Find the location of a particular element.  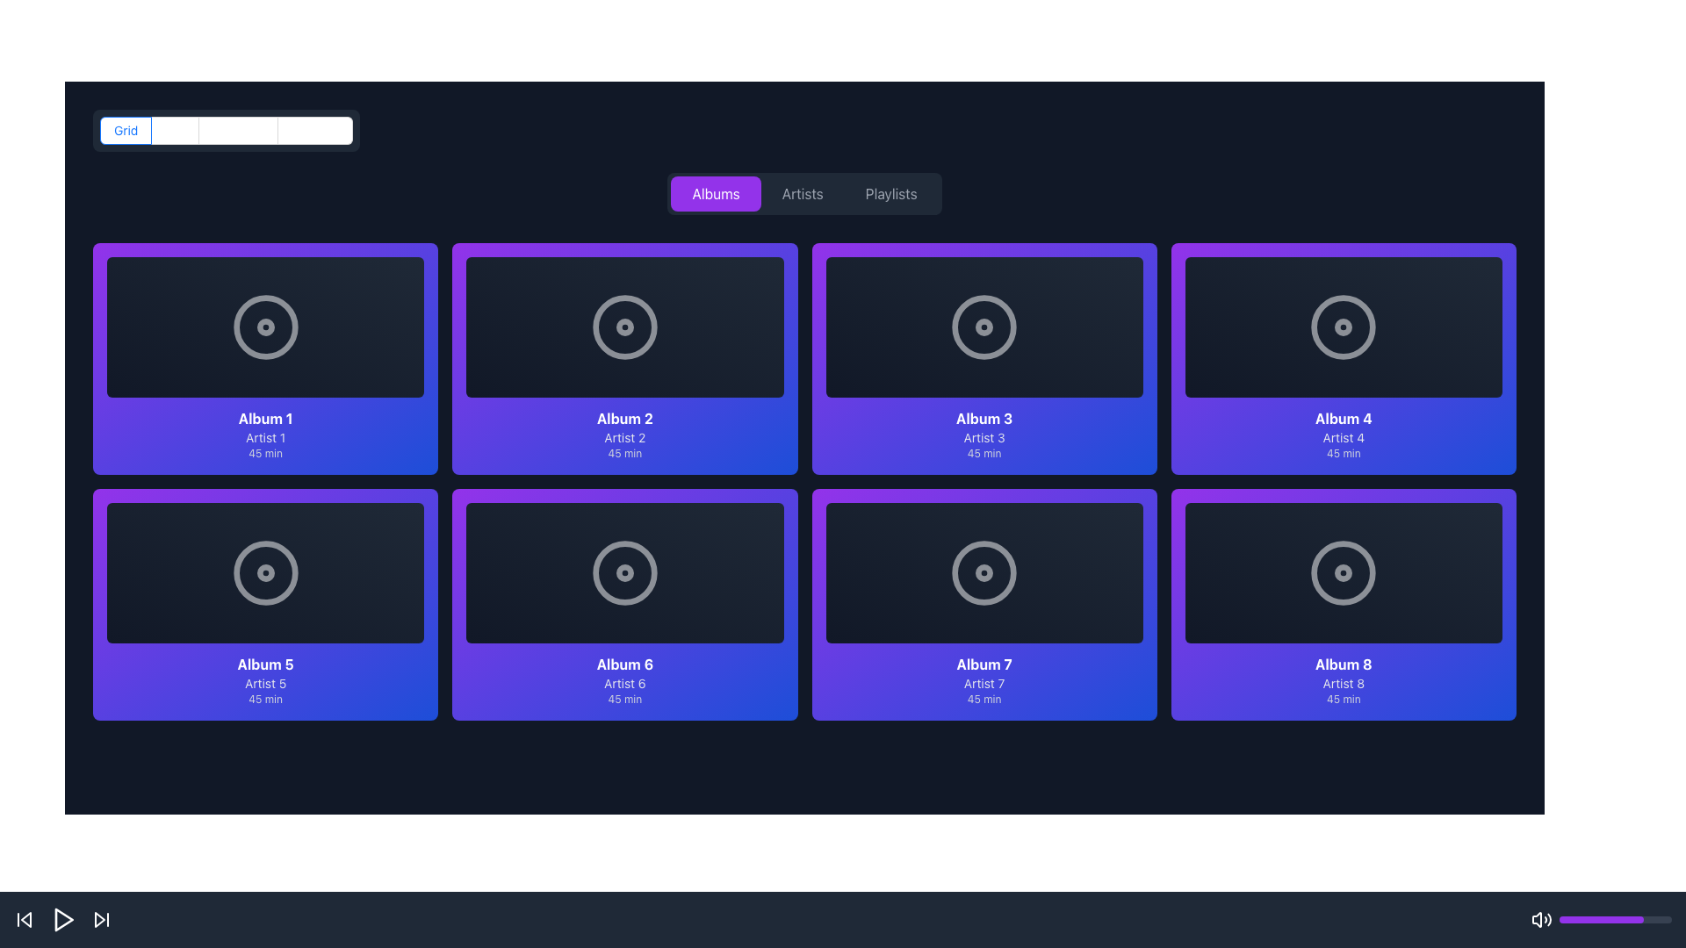

the leftmost purple button labeled 'Albums' is located at coordinates (716, 193).